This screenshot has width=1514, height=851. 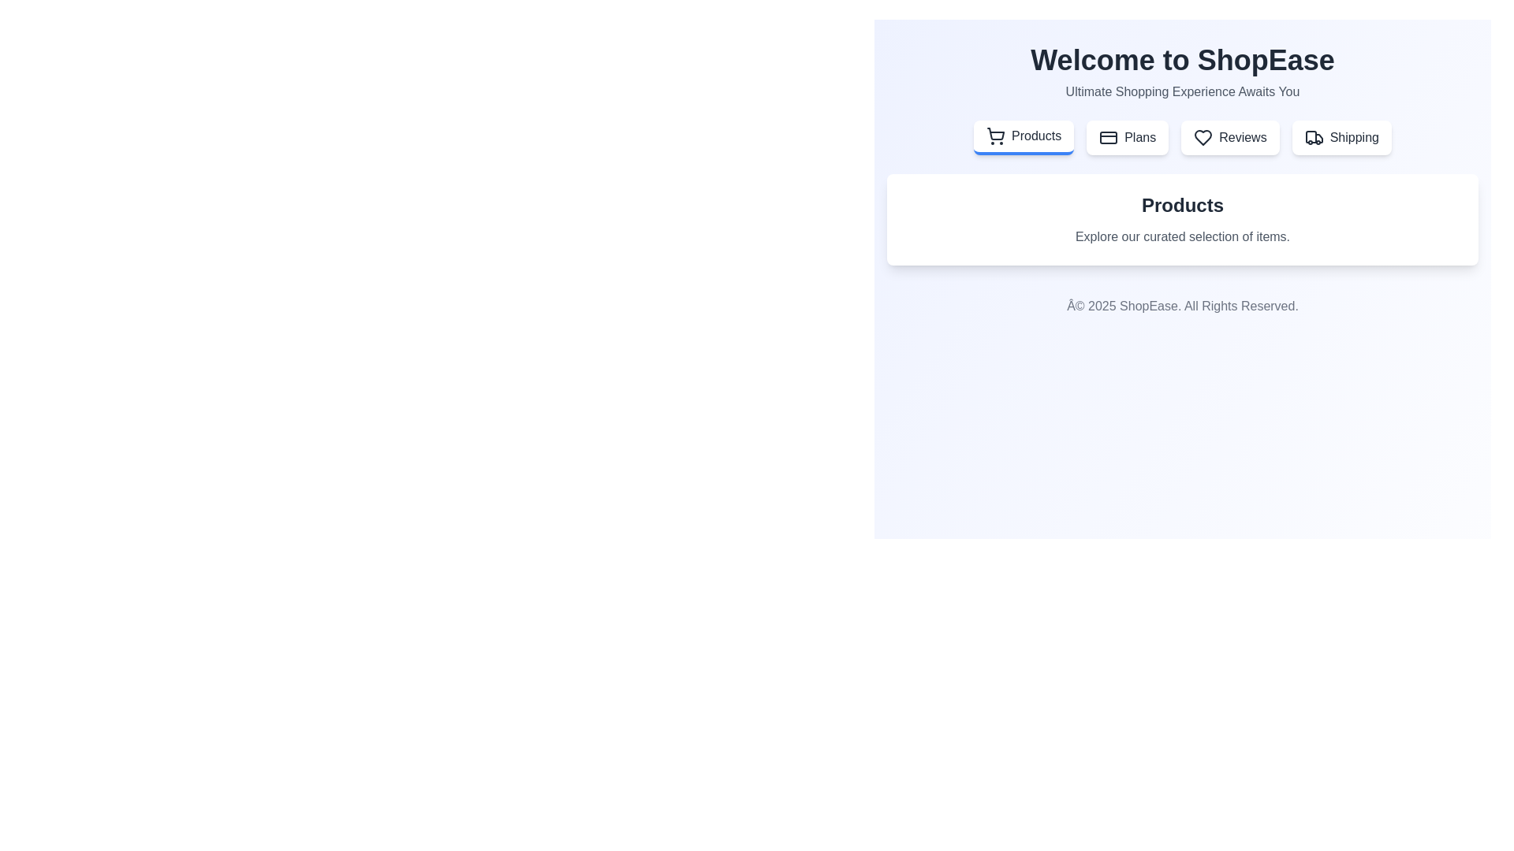 I want to click on the heart-shaped icon outlined in black, located under the 'Reviews' label in the navigation bar, so click(x=1203, y=136).